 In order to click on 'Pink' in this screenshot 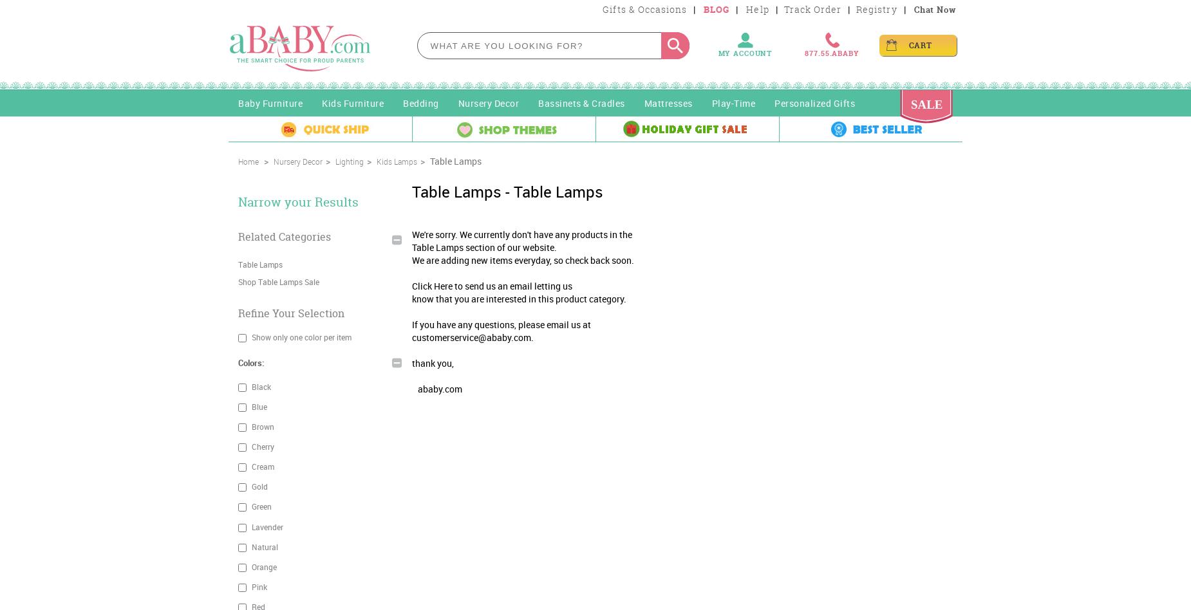, I will do `click(258, 586)`.